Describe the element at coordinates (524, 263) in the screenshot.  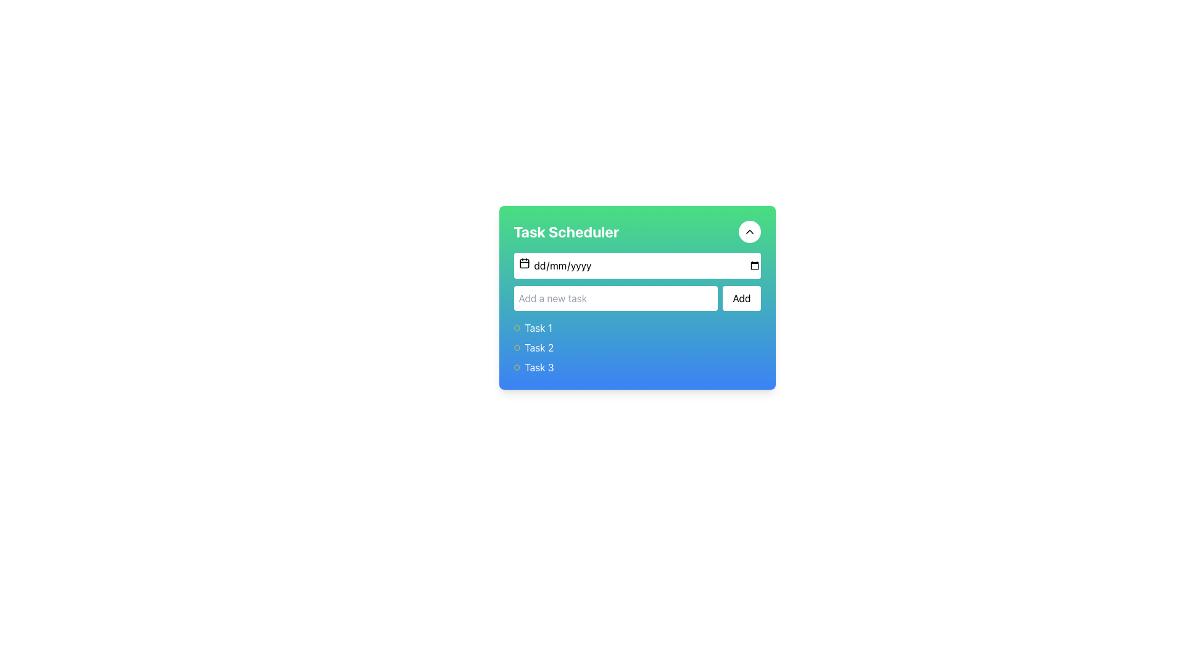
I see `the calendar icon located to the left of the date input field in the task scheduler modal` at that location.